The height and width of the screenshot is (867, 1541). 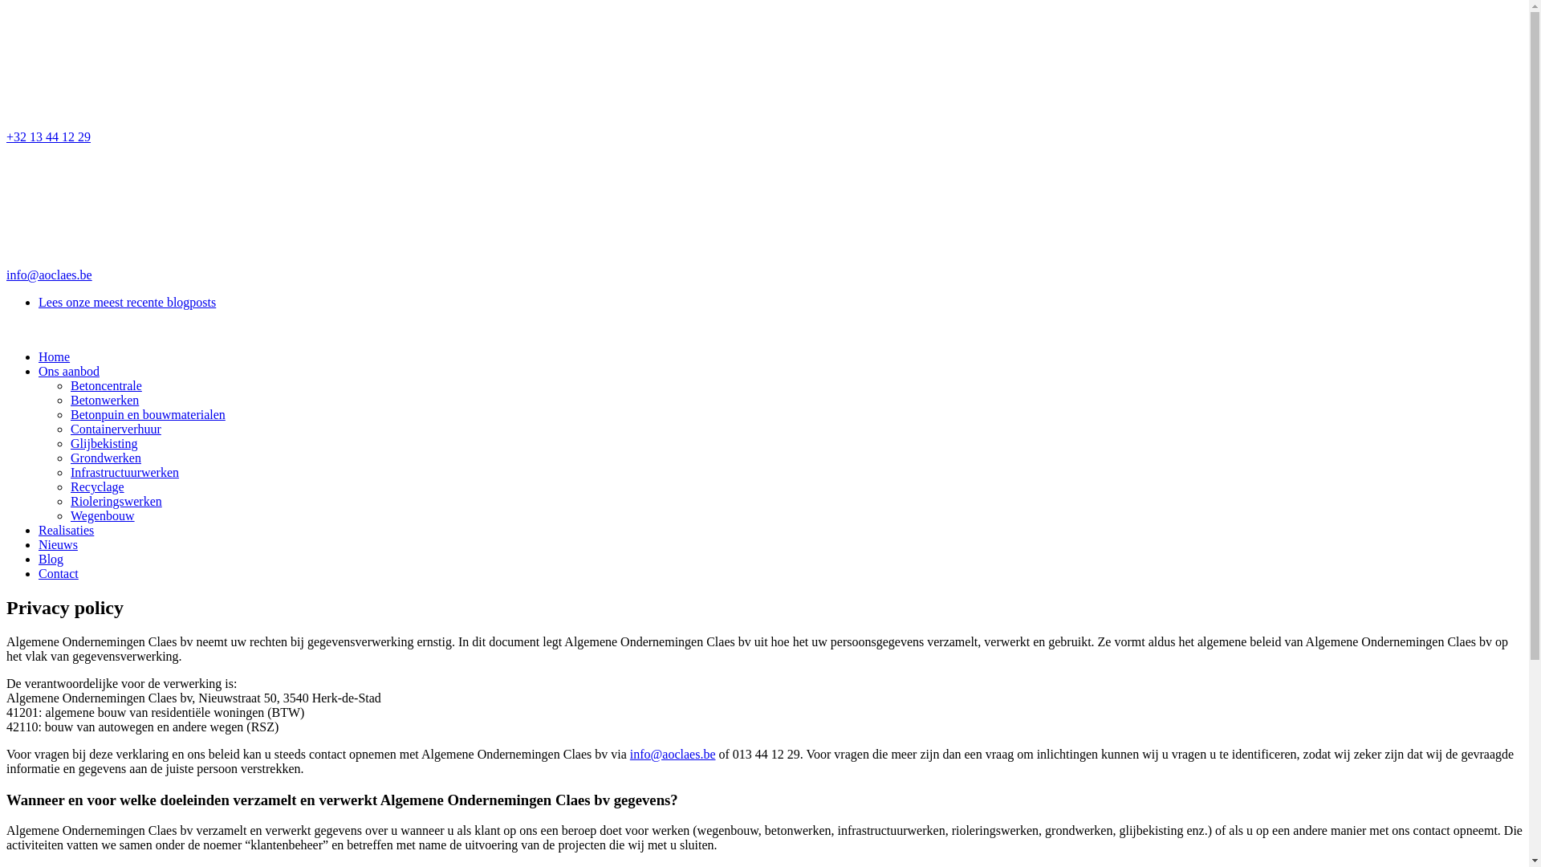 I want to click on 'Ons aanbod', so click(x=68, y=371).